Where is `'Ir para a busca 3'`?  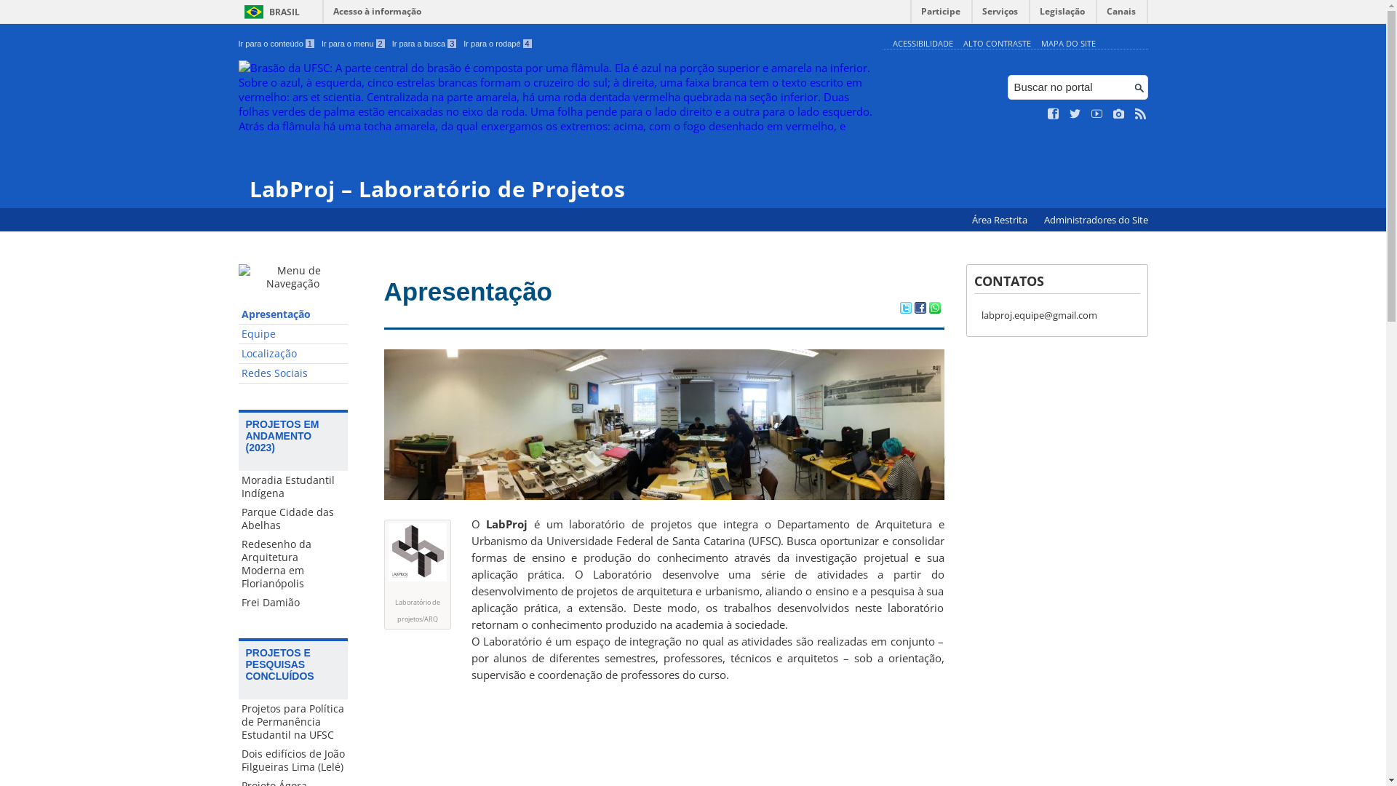
'Ir para a busca 3' is located at coordinates (423, 43).